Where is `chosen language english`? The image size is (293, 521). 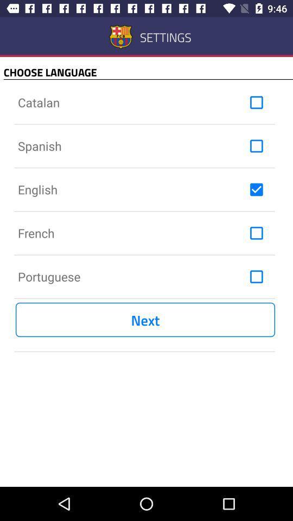
chosen language english is located at coordinates (256, 189).